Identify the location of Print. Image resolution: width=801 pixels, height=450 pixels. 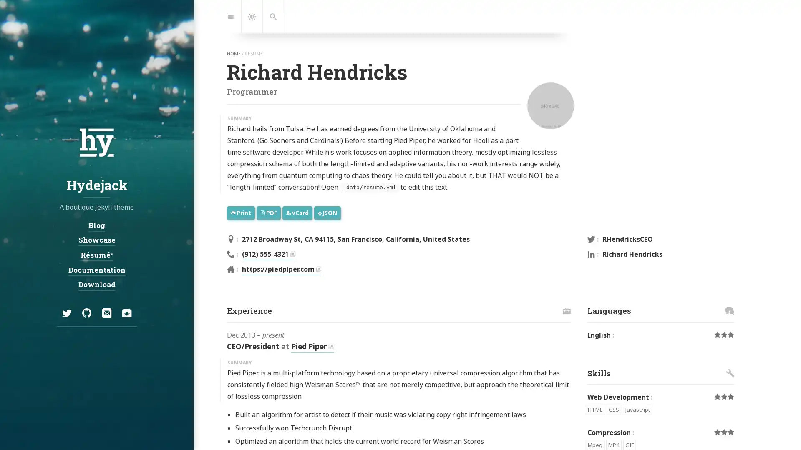
(240, 212).